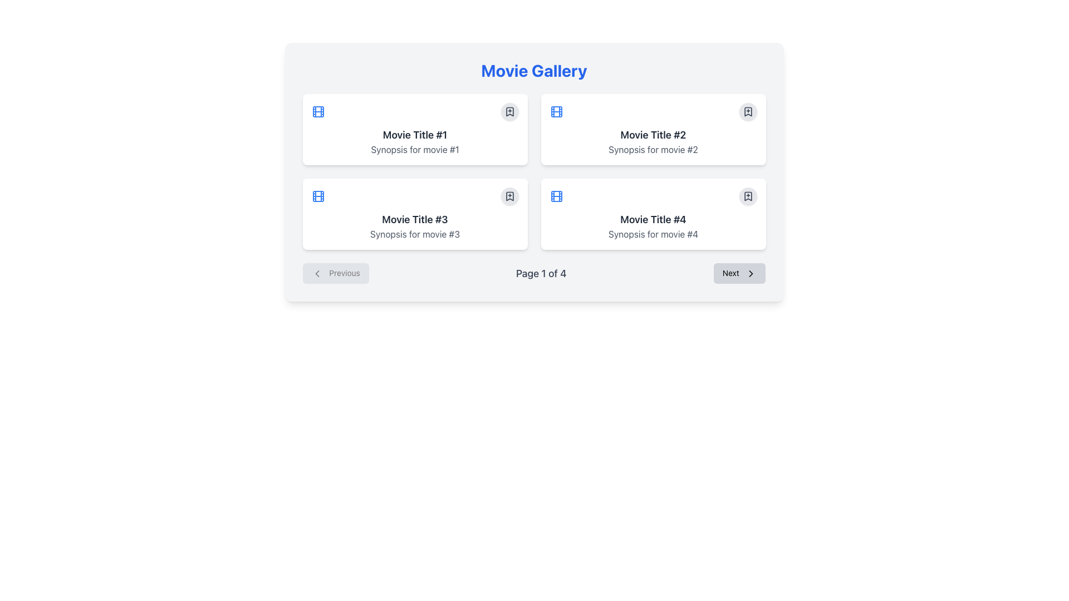 This screenshot has height=601, width=1069. What do you see at coordinates (748, 111) in the screenshot?
I see `the Bookmark with Plus icon located in the top-right corner of the card titled 'Movie Title #2' to bookmark the item` at bounding box center [748, 111].